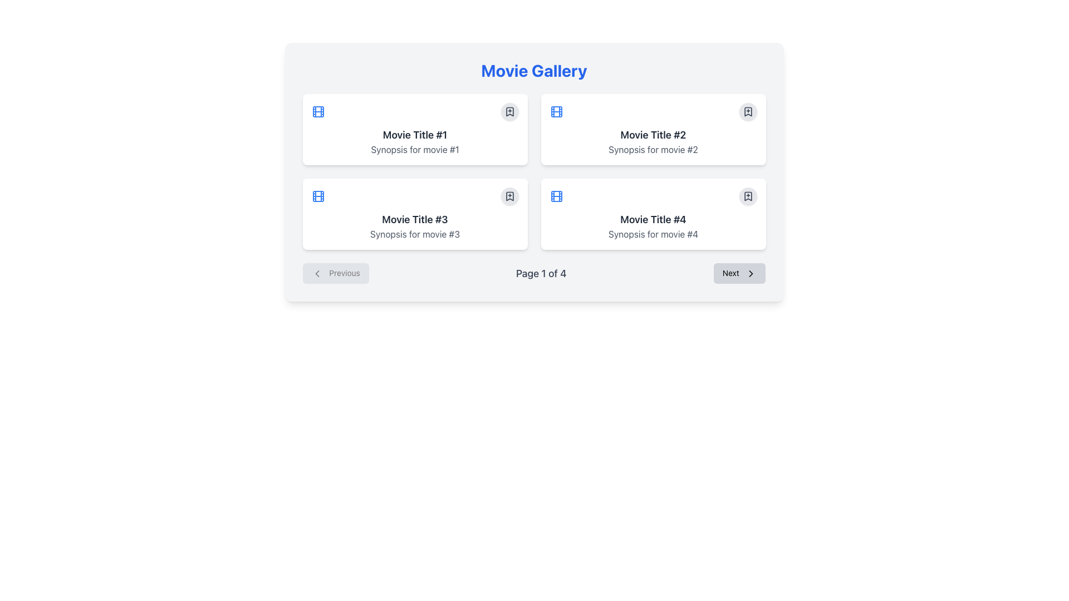 This screenshot has height=601, width=1069. What do you see at coordinates (748, 111) in the screenshot?
I see `the Bookmark with Plus icon located in the top-right corner of the card titled 'Movie Title #2' to bookmark the item` at bounding box center [748, 111].